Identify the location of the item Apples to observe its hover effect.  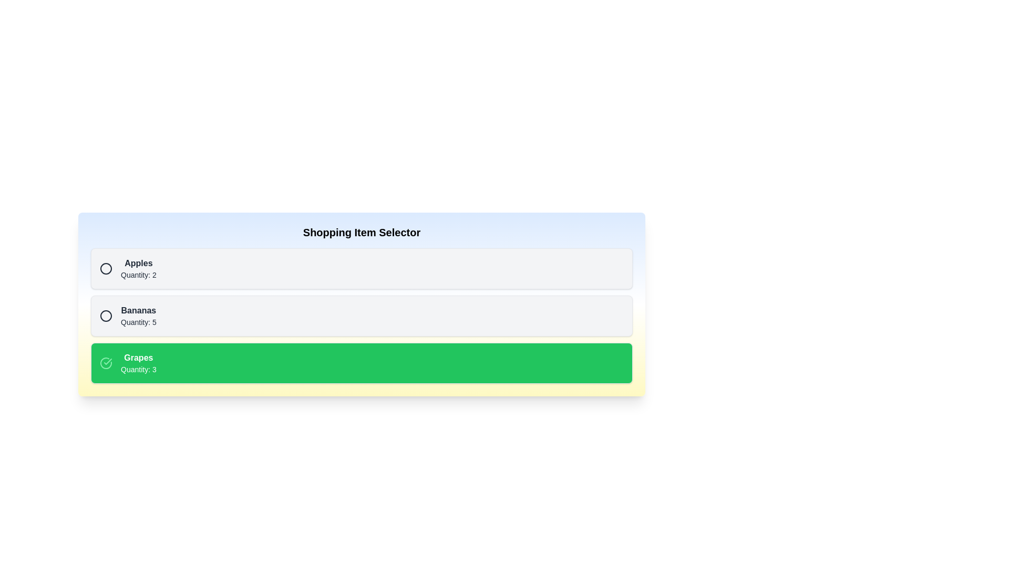
(362, 268).